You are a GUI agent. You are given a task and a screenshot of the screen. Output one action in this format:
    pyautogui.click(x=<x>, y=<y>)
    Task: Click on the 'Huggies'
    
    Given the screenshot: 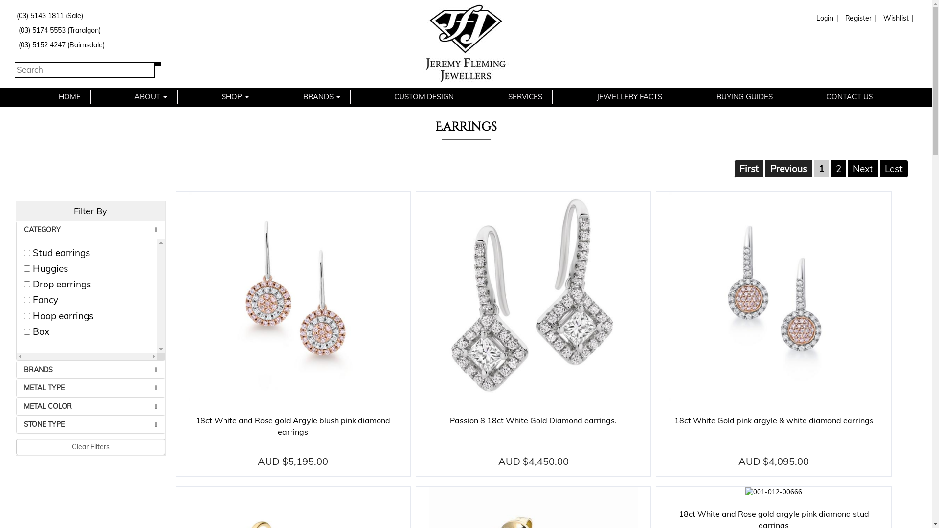 What is the action you would take?
    pyautogui.click(x=27, y=268)
    